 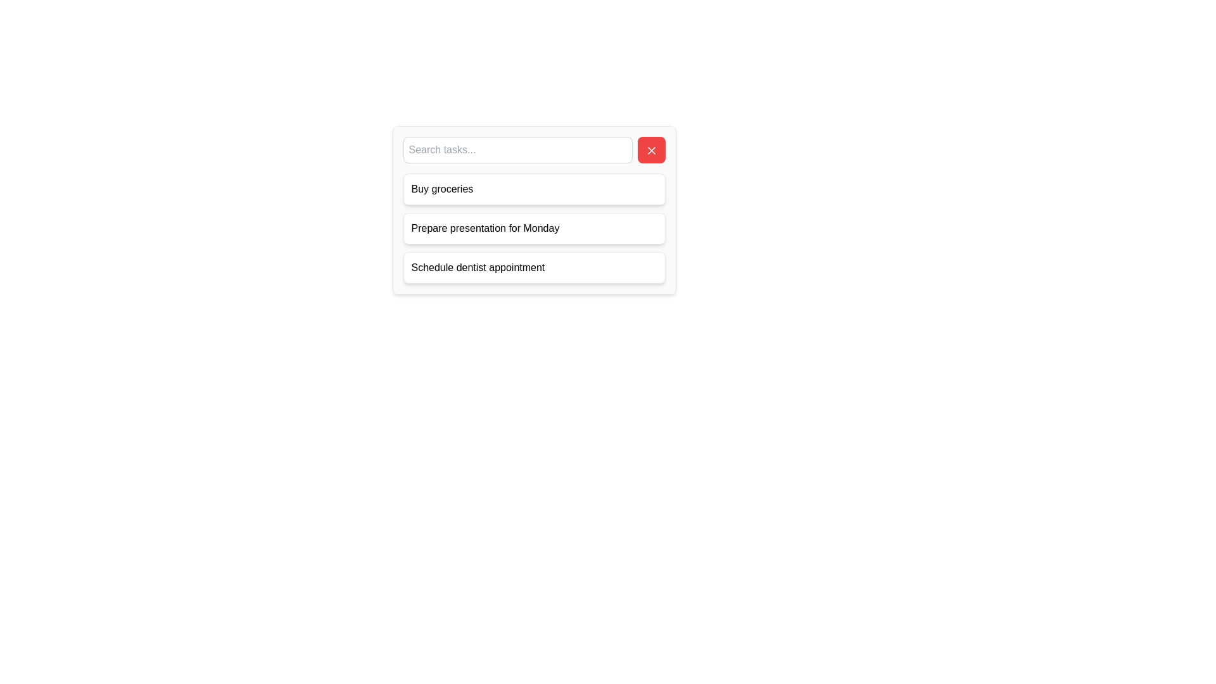 What do you see at coordinates (651, 149) in the screenshot?
I see `the SVG icon located in the top-right corner of the search bar component, which is part of a red square button with rounded edges` at bounding box center [651, 149].